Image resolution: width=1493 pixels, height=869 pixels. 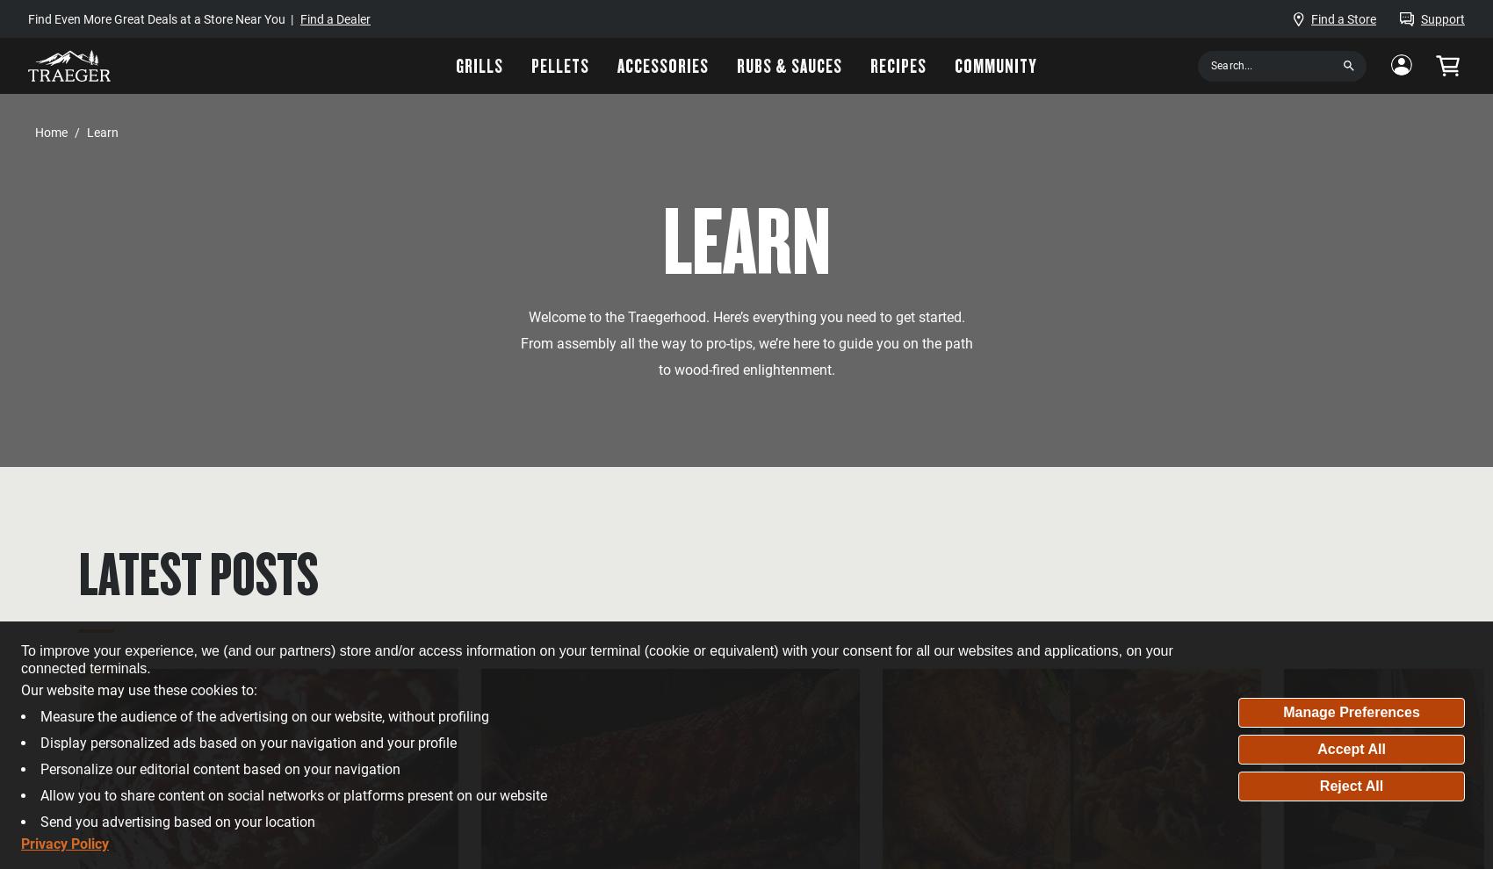 What do you see at coordinates (560, 64) in the screenshot?
I see `'Pellets'` at bounding box center [560, 64].